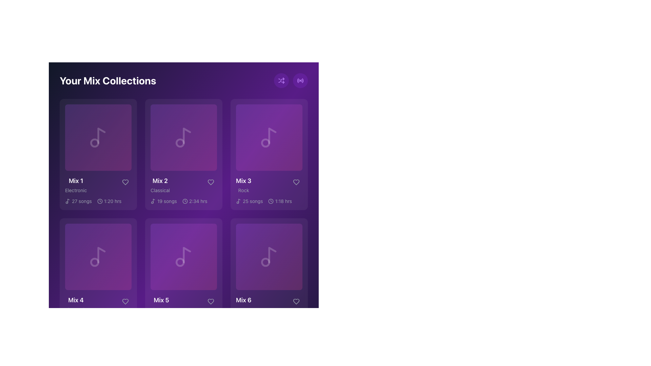 The width and height of the screenshot is (651, 366). I want to click on the 'Favorite' button icon located at the bottom-right corner of the 'Mix 1' card in the 'Your Mix Collections' section, so click(125, 182).